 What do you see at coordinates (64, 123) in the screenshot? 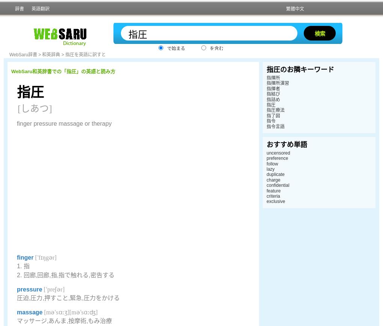
I see `'finger pressure massage or therapy'` at bounding box center [64, 123].